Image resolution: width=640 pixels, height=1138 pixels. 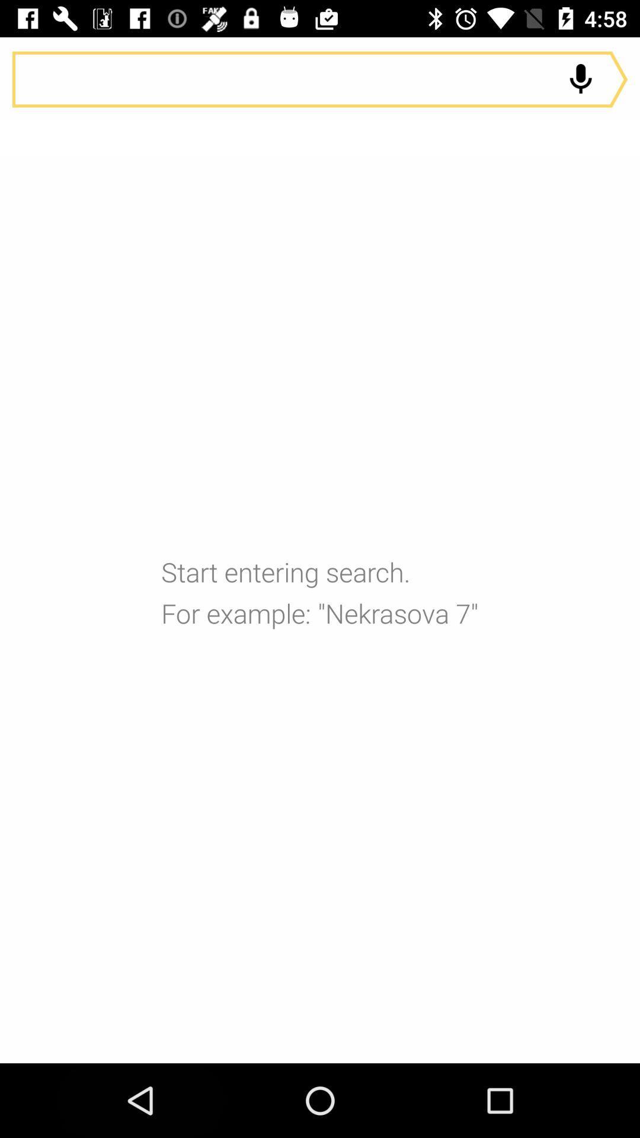 I want to click on type or talk to search, so click(x=320, y=79).